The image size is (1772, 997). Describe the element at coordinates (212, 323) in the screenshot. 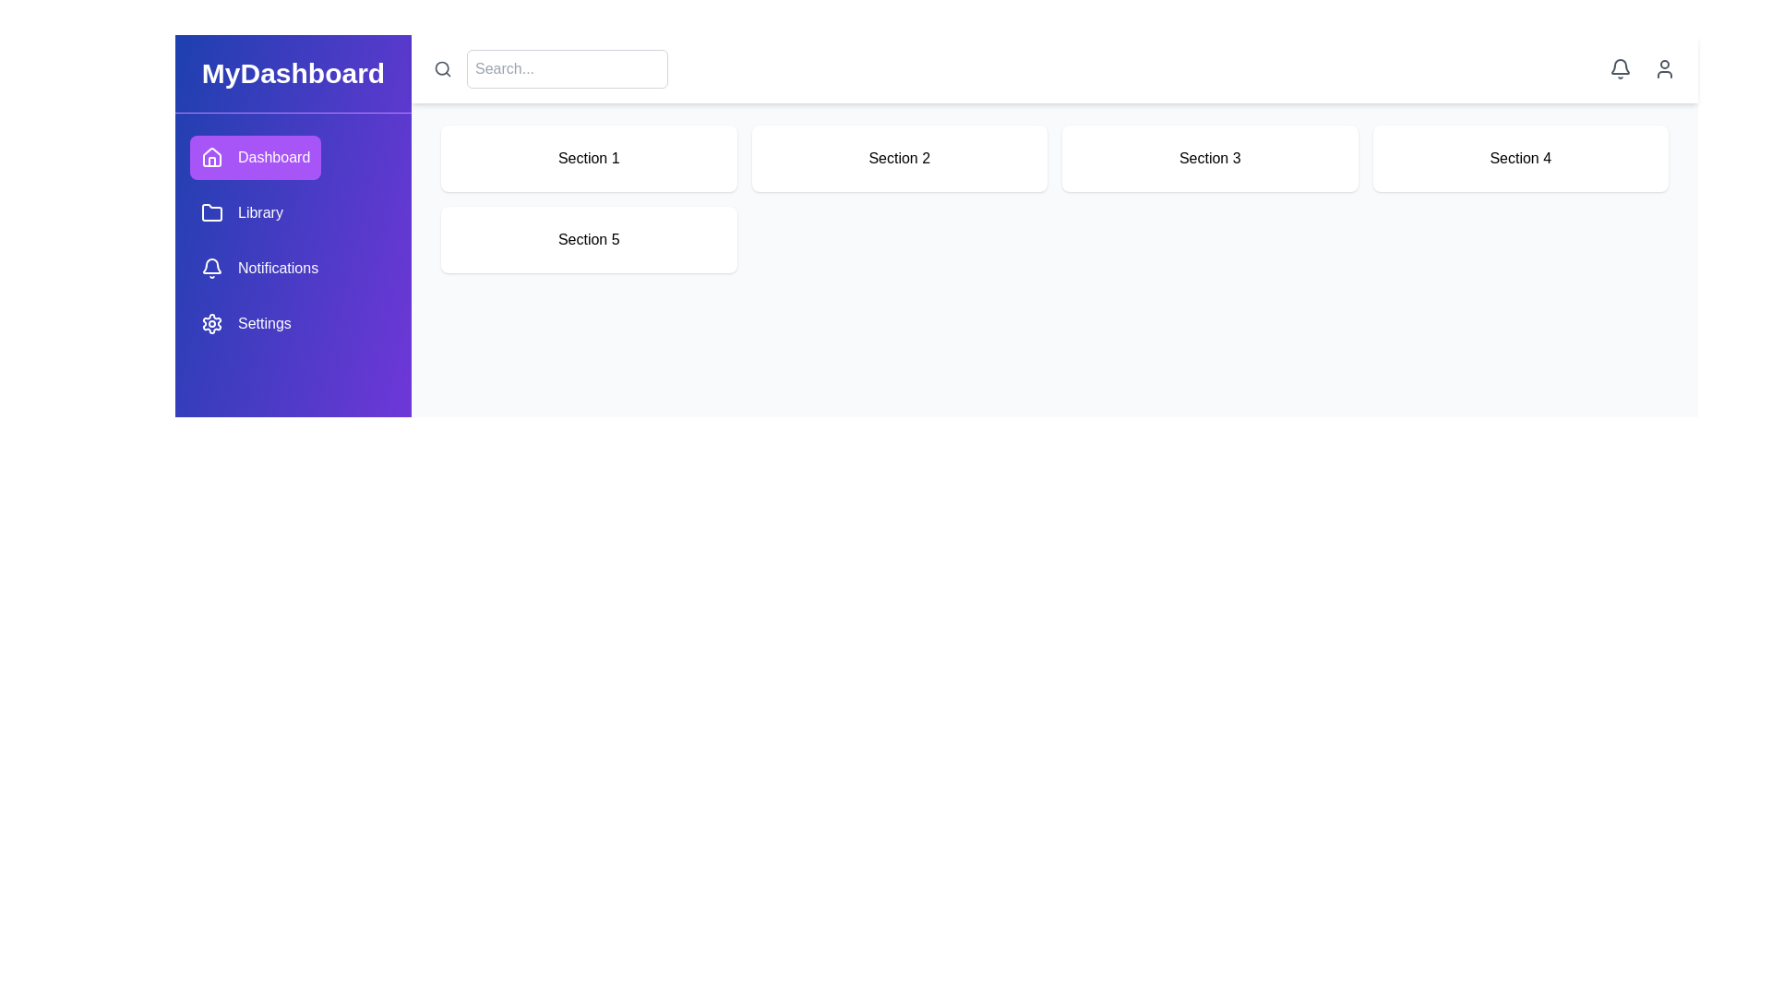

I see `the gear icon located at the bottom of the sidebar, which represents the settings option` at that location.